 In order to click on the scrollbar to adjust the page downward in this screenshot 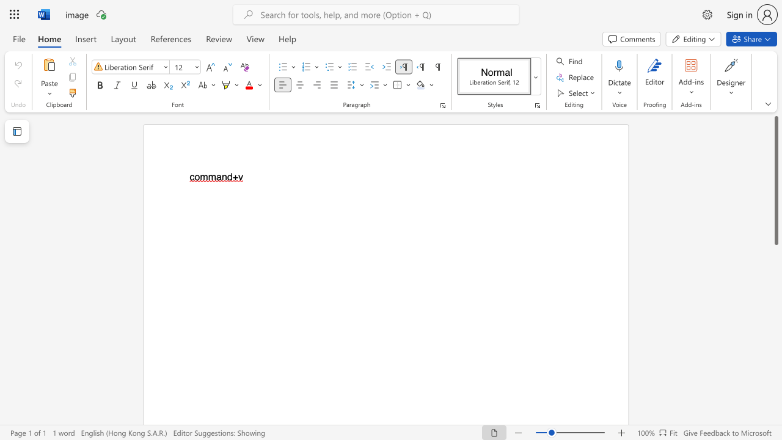, I will do `click(775, 336)`.